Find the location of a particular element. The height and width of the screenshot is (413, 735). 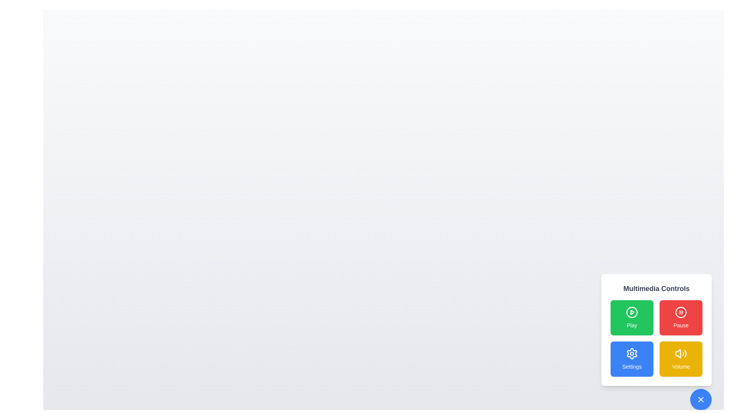

the leftmost part of the speaker icon within the 'Volume' button located in the bottom-right section of the interface is located at coordinates (678, 354).